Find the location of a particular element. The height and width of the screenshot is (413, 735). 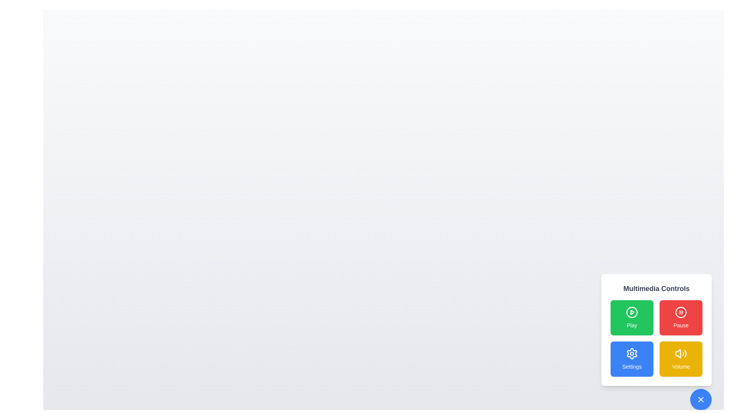

the leftmost part of the speaker icon within the 'Volume' button located in the bottom-right section of the interface is located at coordinates (678, 354).